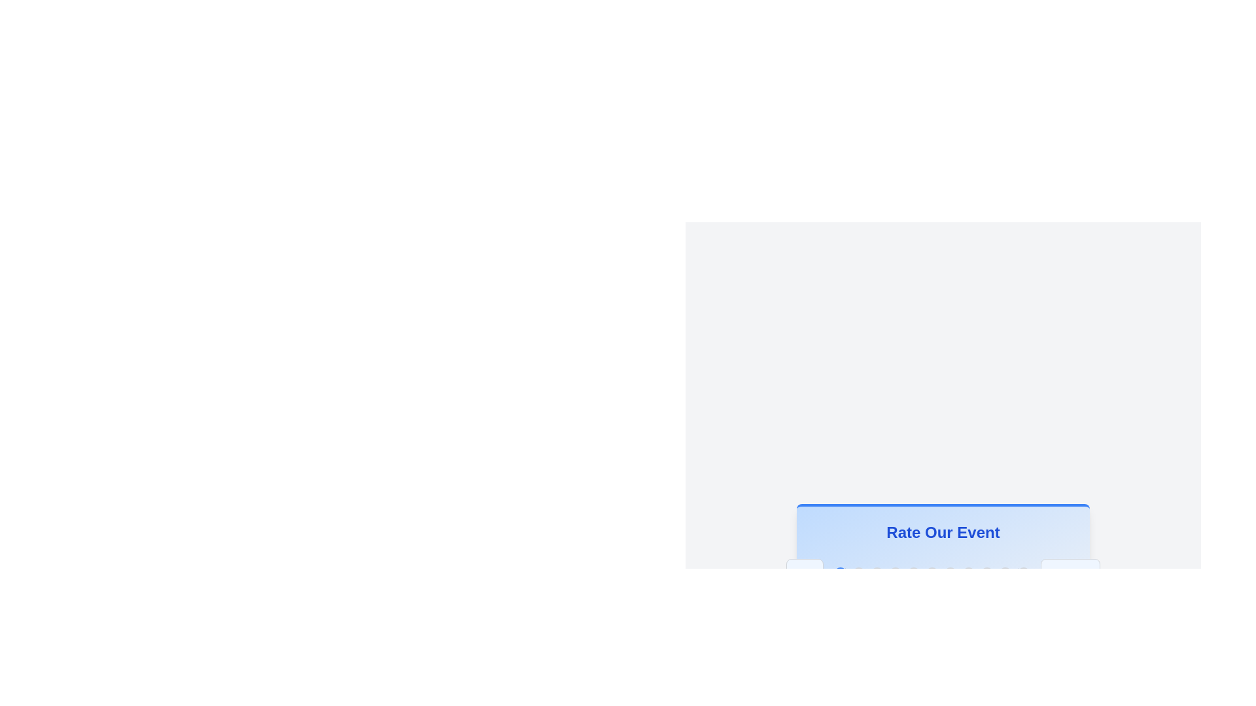 The image size is (1256, 706). I want to click on the title text element that serves as the heading for the rating section, which is centrally aligned at the top of the card-like structure, so click(943, 532).